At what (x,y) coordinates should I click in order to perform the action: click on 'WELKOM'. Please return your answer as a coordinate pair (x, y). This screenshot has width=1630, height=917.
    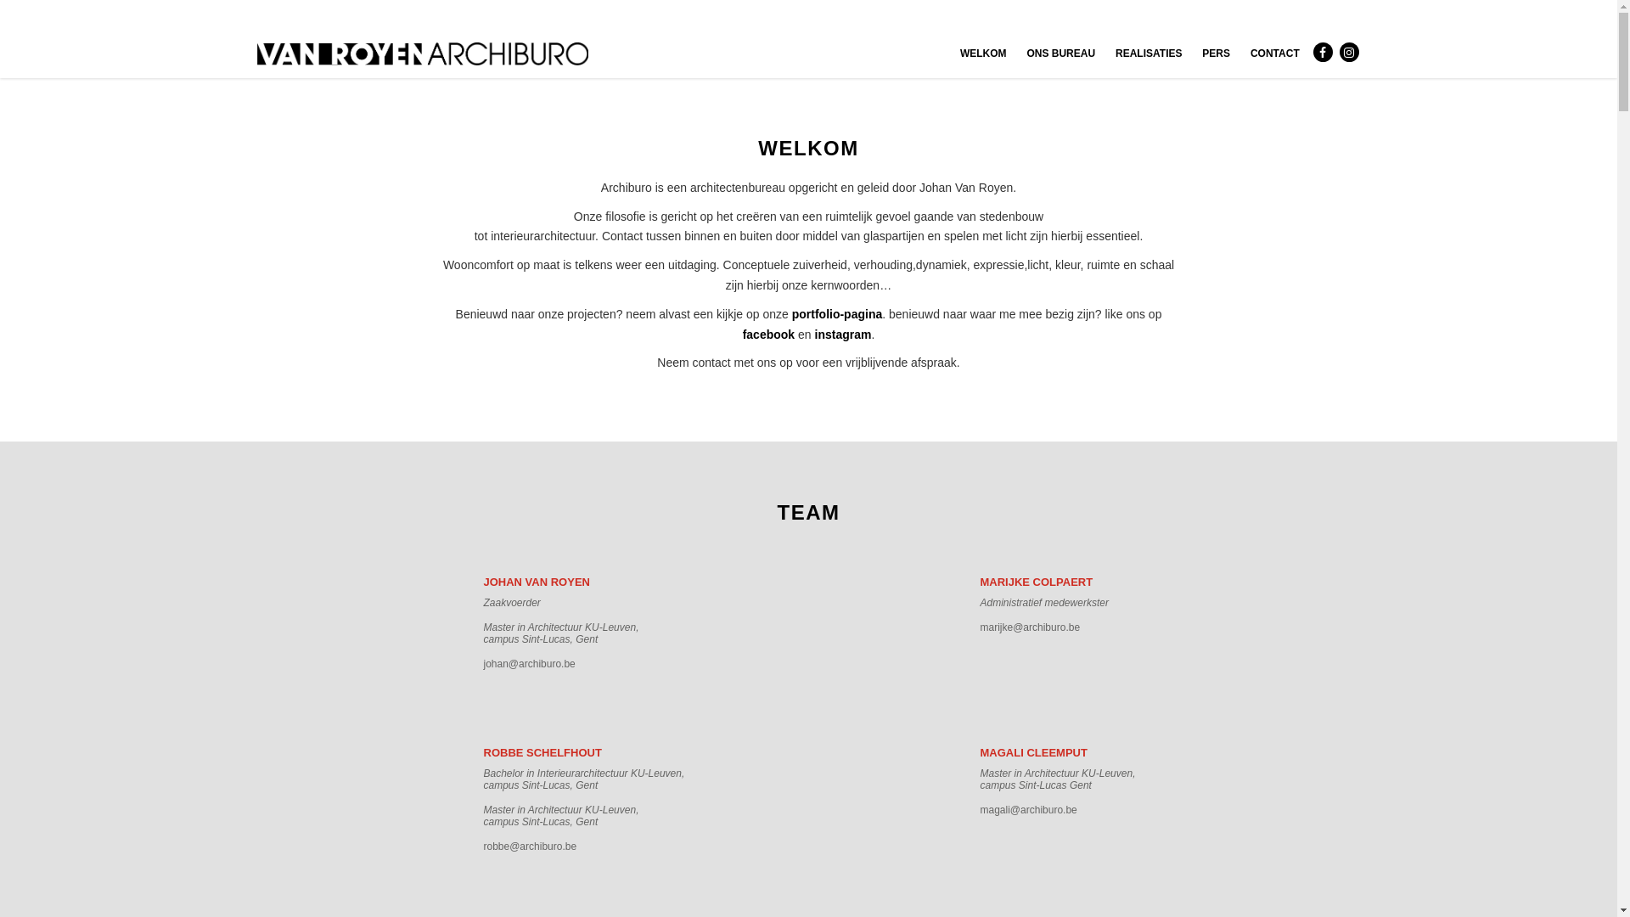
    Looking at the image, I should click on (956, 53).